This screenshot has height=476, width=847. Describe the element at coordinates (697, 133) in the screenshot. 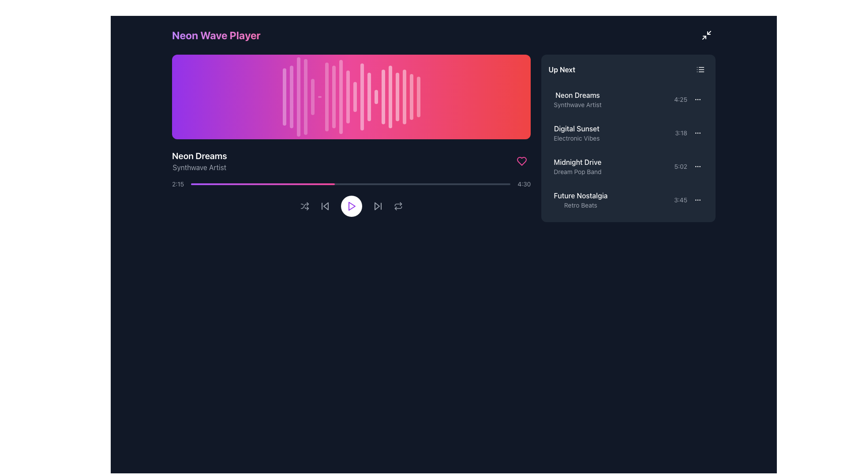

I see `the Vertical Ellipsis Icon associated with the 'Digital Sunset' list item for keyboard navigation` at that location.